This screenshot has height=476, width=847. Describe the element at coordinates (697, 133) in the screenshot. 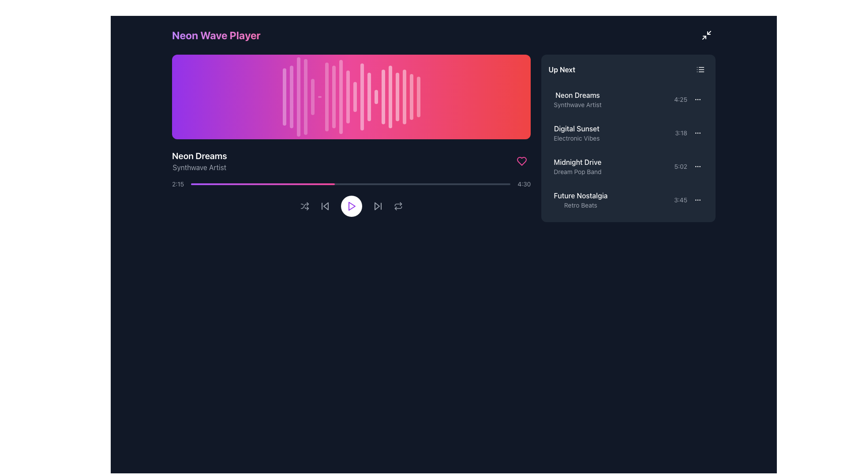

I see `the Vertical Ellipsis Icon associated with the 'Digital Sunset' list item for keyboard navigation` at that location.